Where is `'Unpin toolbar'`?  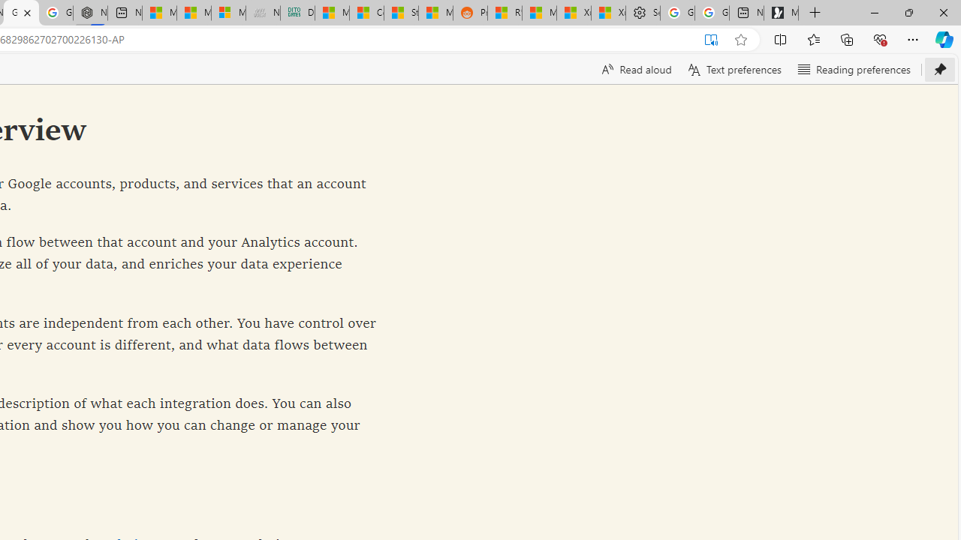
'Unpin toolbar' is located at coordinates (939, 69).